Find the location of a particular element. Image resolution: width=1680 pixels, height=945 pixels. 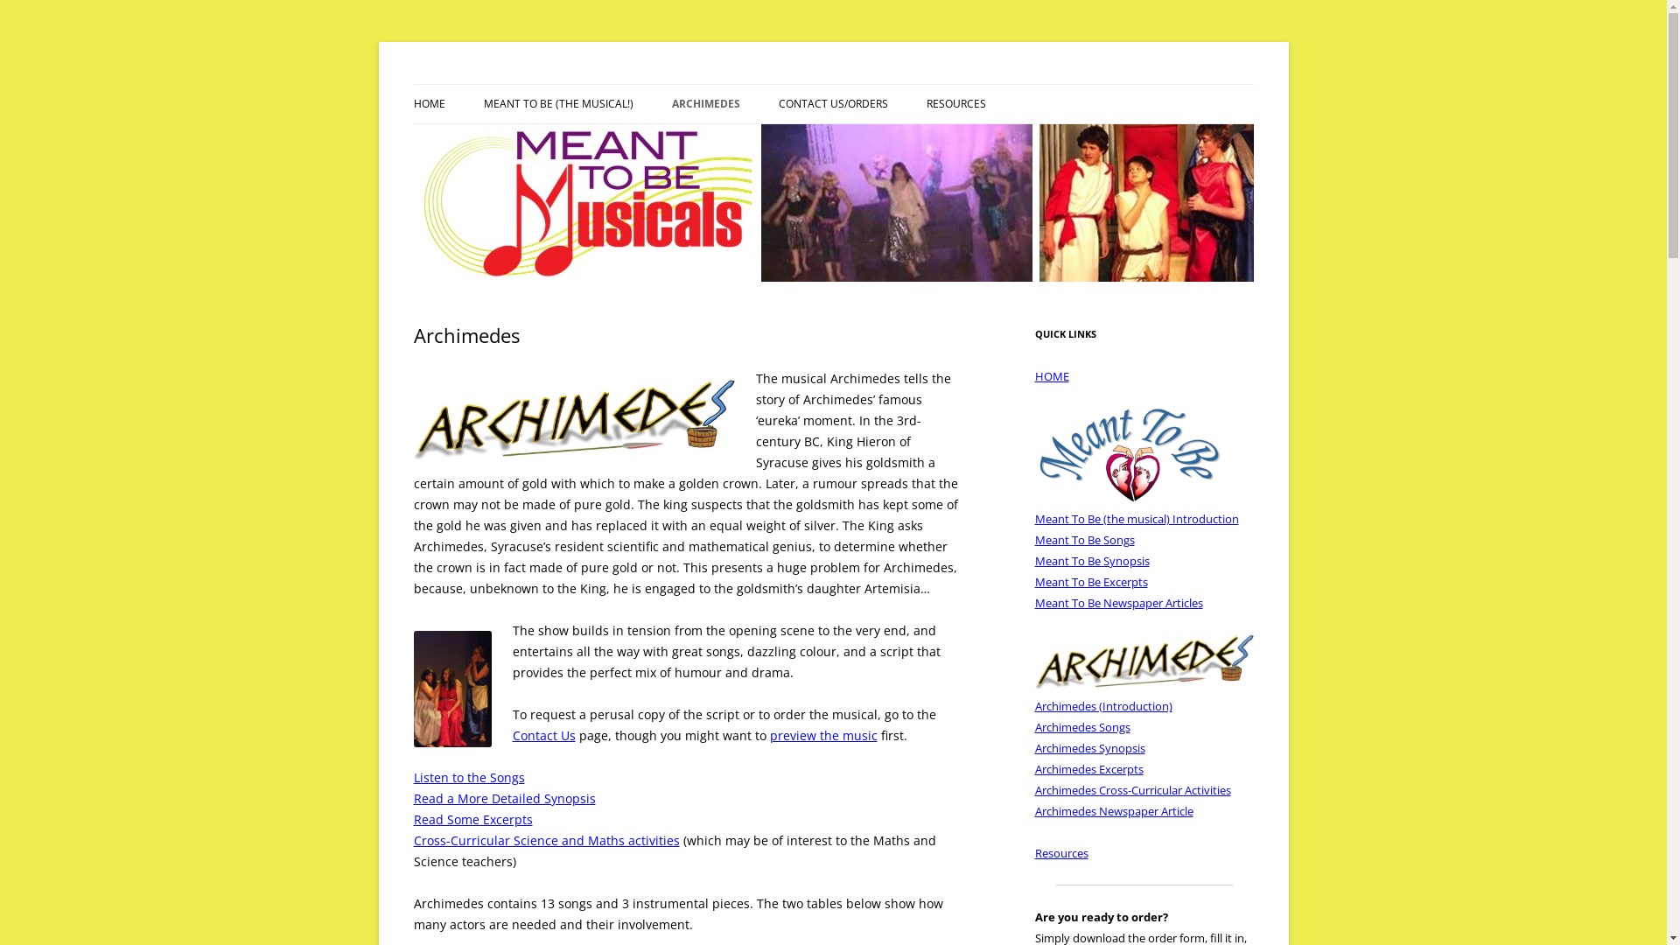

'Meant To Be (the musical) Introduction' is located at coordinates (1136, 518).